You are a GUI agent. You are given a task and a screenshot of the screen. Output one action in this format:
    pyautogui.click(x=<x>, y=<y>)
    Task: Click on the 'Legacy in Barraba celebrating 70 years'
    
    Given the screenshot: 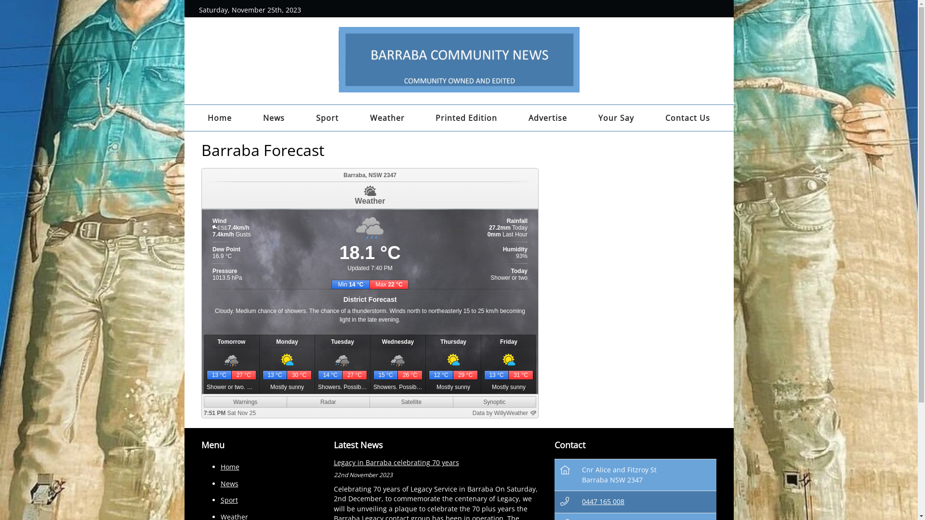 What is the action you would take?
    pyautogui.click(x=396, y=462)
    